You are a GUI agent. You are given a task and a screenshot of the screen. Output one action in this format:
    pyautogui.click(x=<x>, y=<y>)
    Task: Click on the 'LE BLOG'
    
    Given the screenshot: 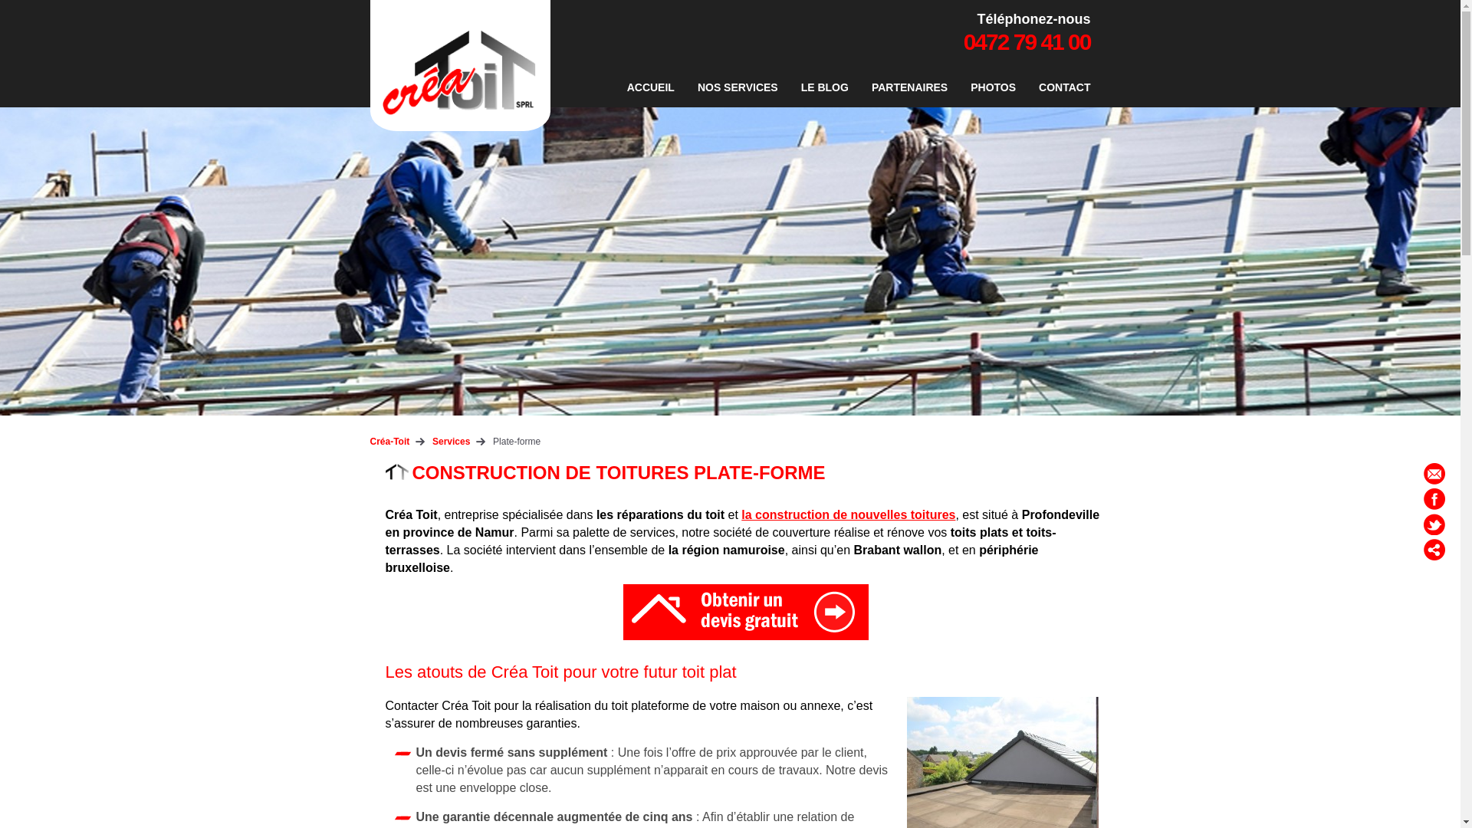 What is the action you would take?
    pyautogui.click(x=793, y=87)
    